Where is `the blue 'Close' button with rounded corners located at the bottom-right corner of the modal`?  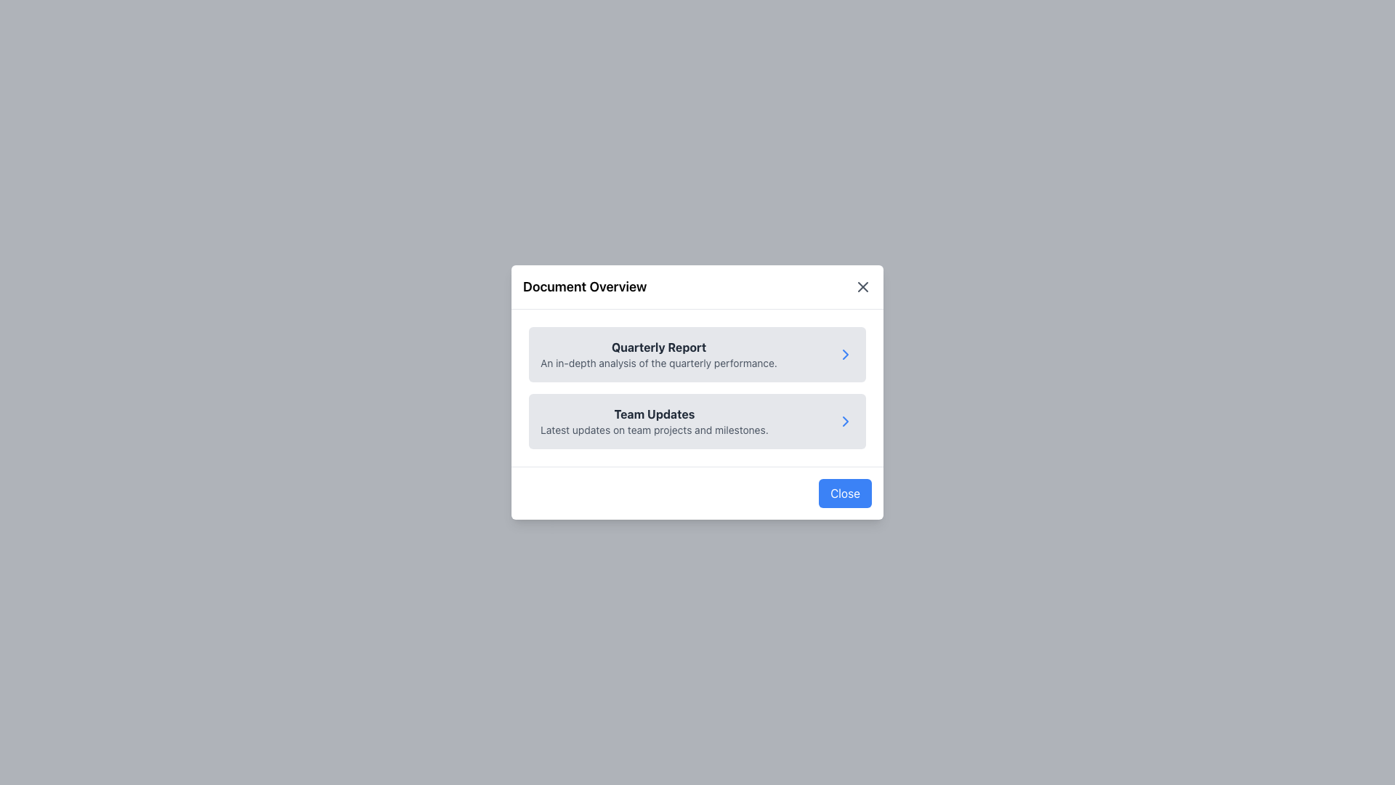
the blue 'Close' button with rounded corners located at the bottom-right corner of the modal is located at coordinates (845, 492).